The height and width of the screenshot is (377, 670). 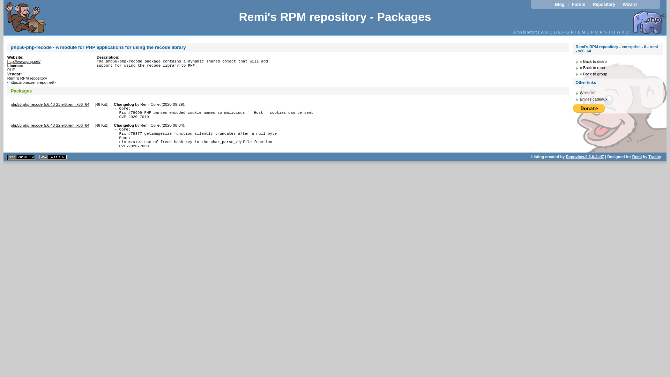 I want to click on 'Repository', so click(x=590, y=4).